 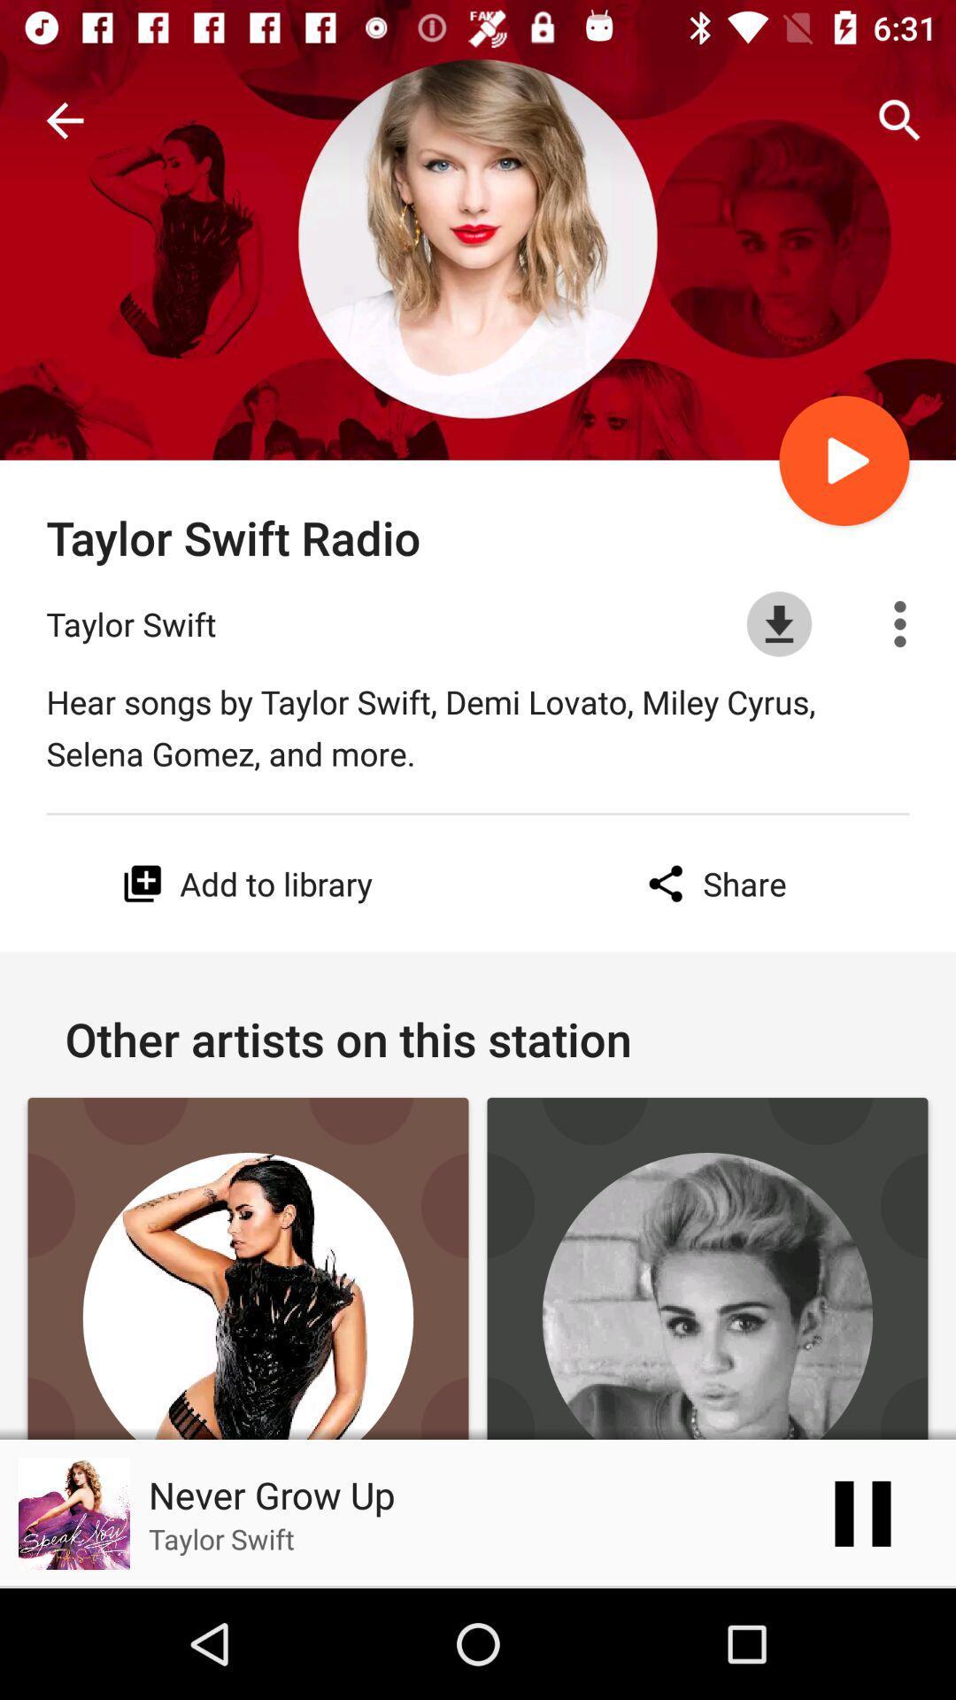 What do you see at coordinates (712, 884) in the screenshot?
I see `share icon which is beside add to library` at bounding box center [712, 884].